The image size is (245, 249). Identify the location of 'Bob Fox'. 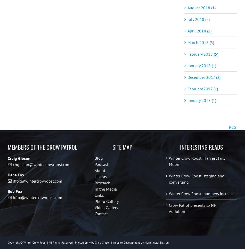
(15, 194).